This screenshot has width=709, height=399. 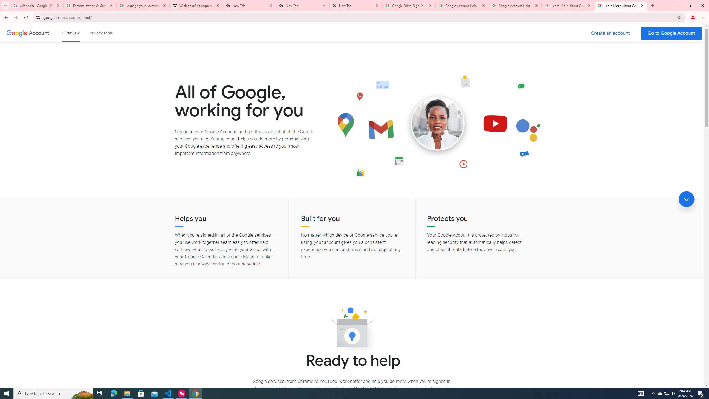 I want to click on 'Jump link', so click(x=686, y=199).